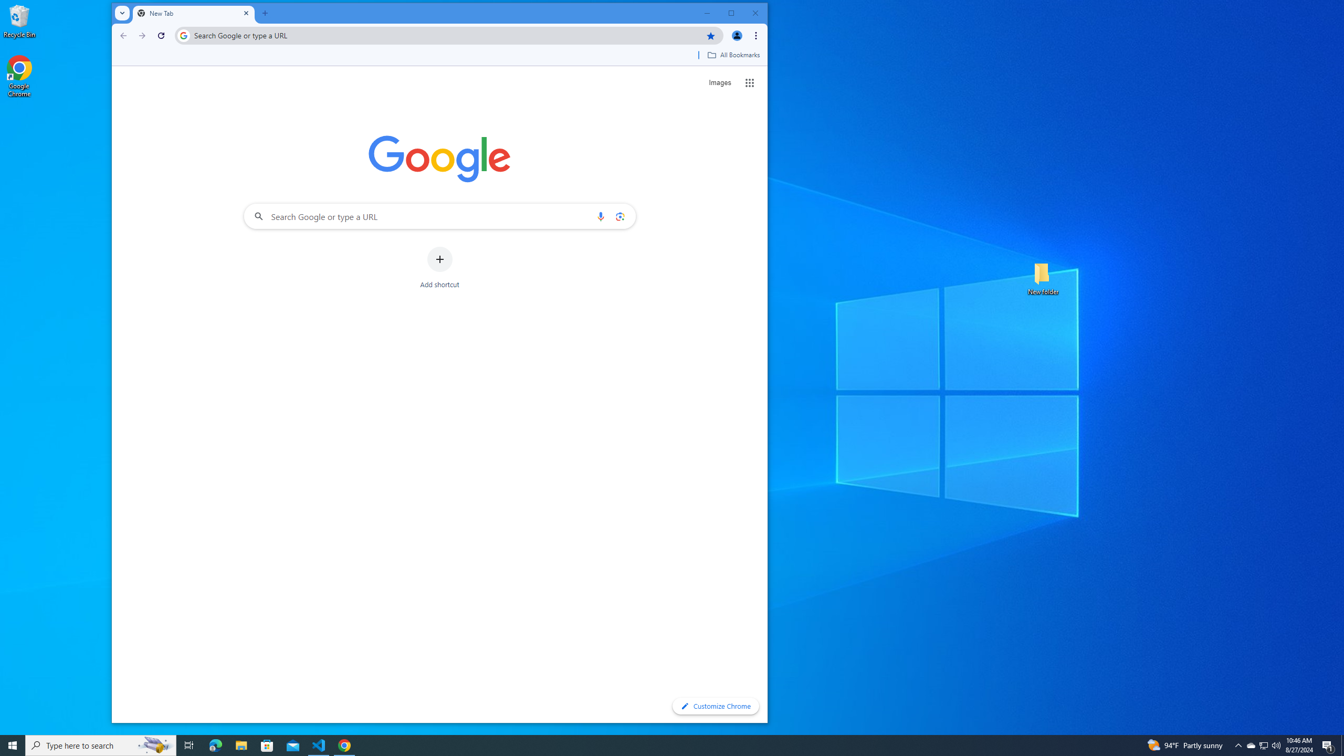 This screenshot has height=756, width=1344. What do you see at coordinates (1043, 277) in the screenshot?
I see `'New folder'` at bounding box center [1043, 277].